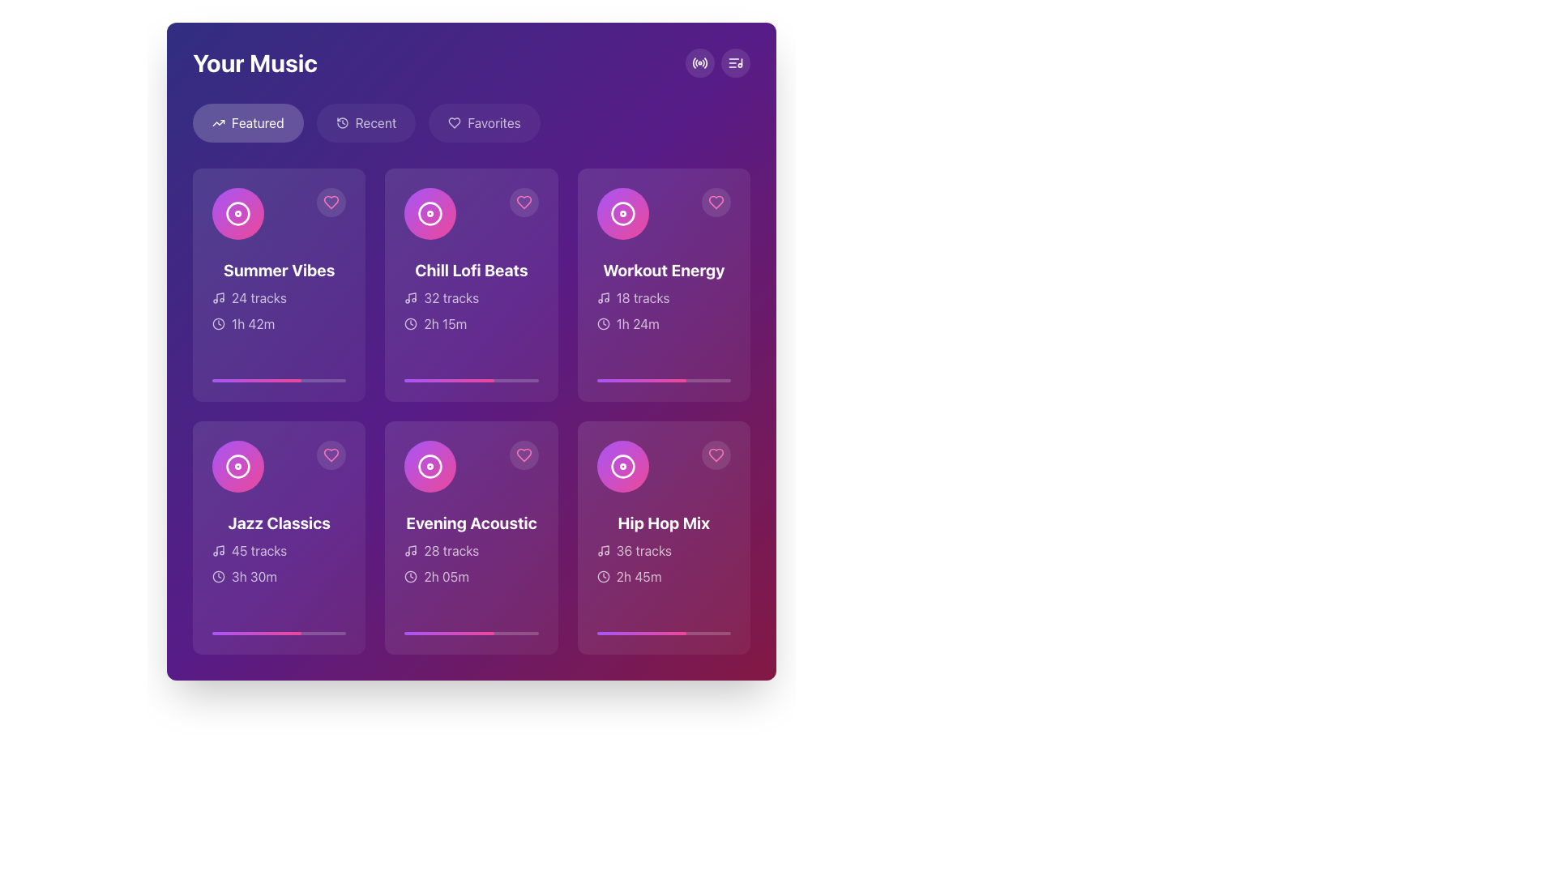 Image resolution: width=1556 pixels, height=875 pixels. Describe the element at coordinates (470, 537) in the screenshot. I see `the circular music icon located at the top left of the card with a purple gradient background that describes 'Evening Acoustic'` at that location.